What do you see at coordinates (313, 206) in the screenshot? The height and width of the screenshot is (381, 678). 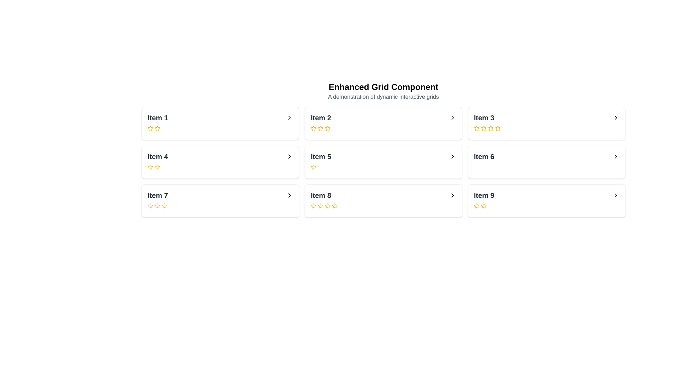 I see `the first yellow star icon in the rating section below 'Item 8' to adjust the rating` at bounding box center [313, 206].